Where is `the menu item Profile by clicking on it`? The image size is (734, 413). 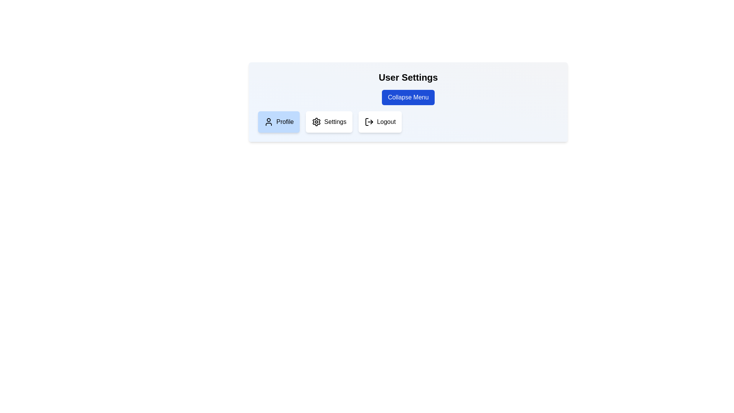 the menu item Profile by clicking on it is located at coordinates (278, 122).